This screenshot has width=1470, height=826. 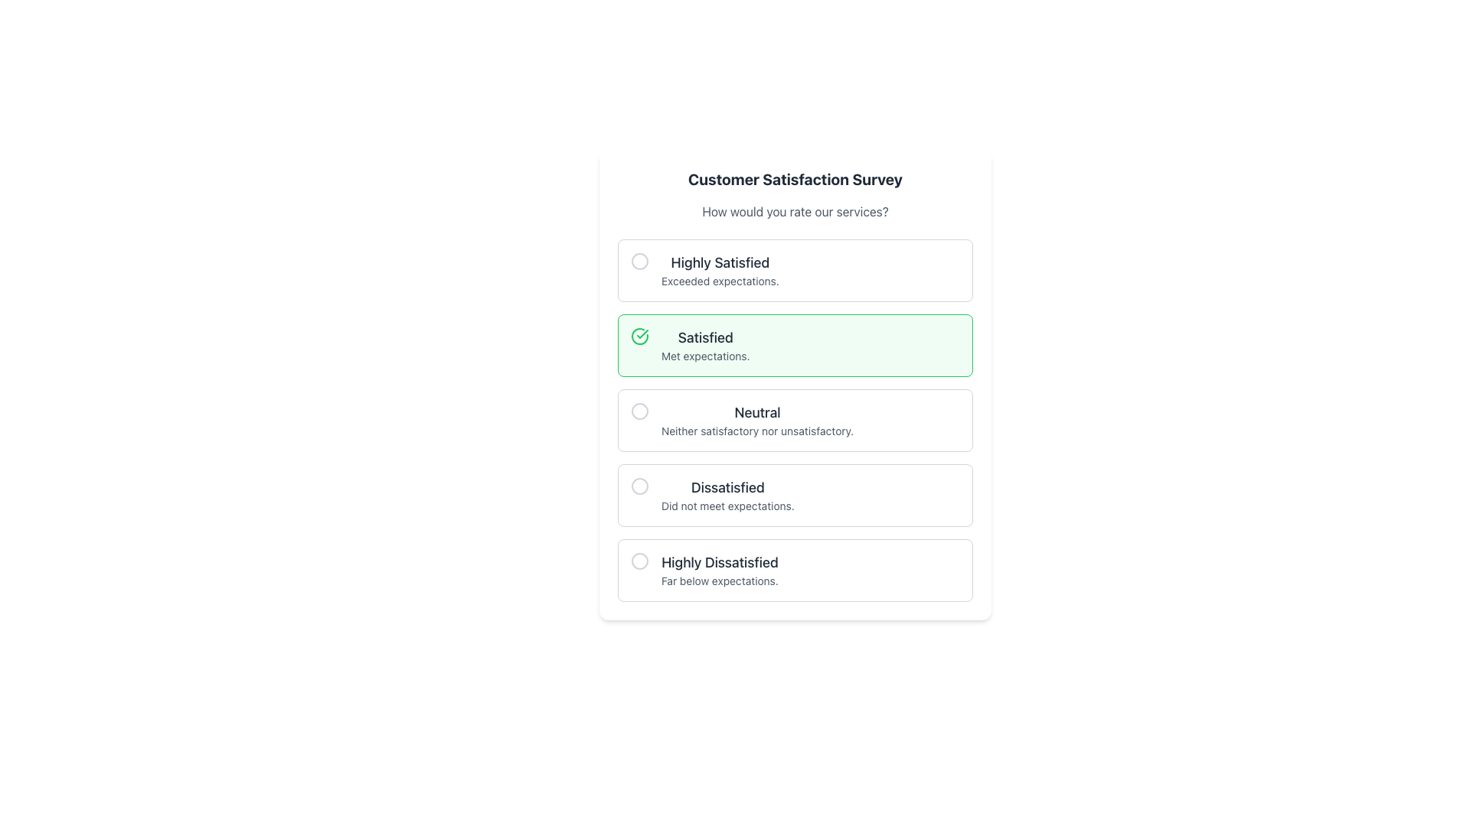 I want to click on the Text Label that provides a detailed description for the option 'Highly Dissatisfied' in the customer satisfaction survey, located beneath the 'Highly Dissatisfied' text, so click(x=719, y=580).